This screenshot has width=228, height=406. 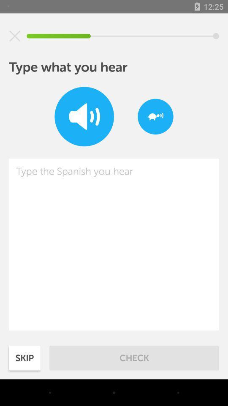 What do you see at coordinates (24, 357) in the screenshot?
I see `skip` at bounding box center [24, 357].